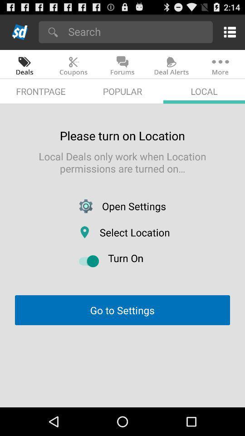 Image resolution: width=245 pixels, height=436 pixels. What do you see at coordinates (122, 91) in the screenshot?
I see `the item next to the frontpage icon` at bounding box center [122, 91].